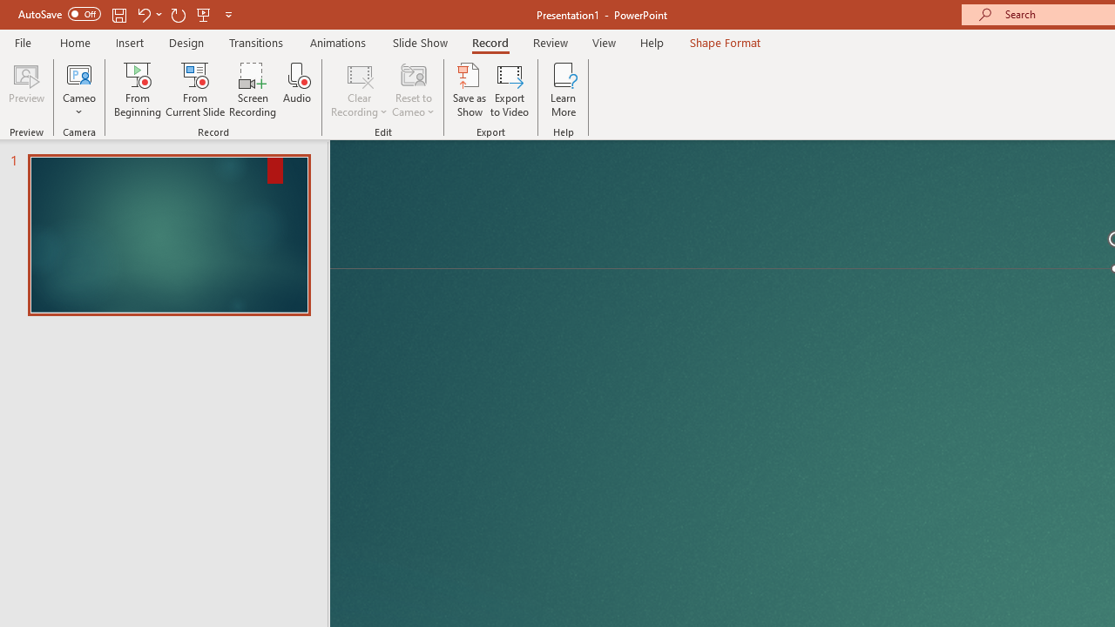 The image size is (1115, 627). Describe the element at coordinates (252, 90) in the screenshot. I see `'Screen Recording'` at that location.